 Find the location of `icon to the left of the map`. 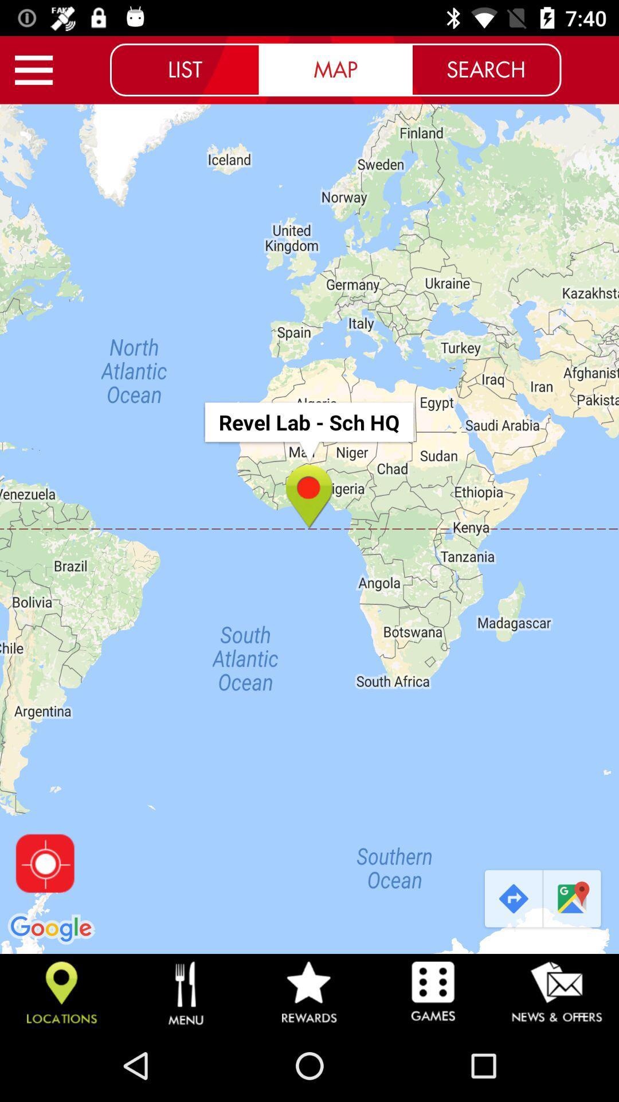

icon to the left of the map is located at coordinates (185, 69).